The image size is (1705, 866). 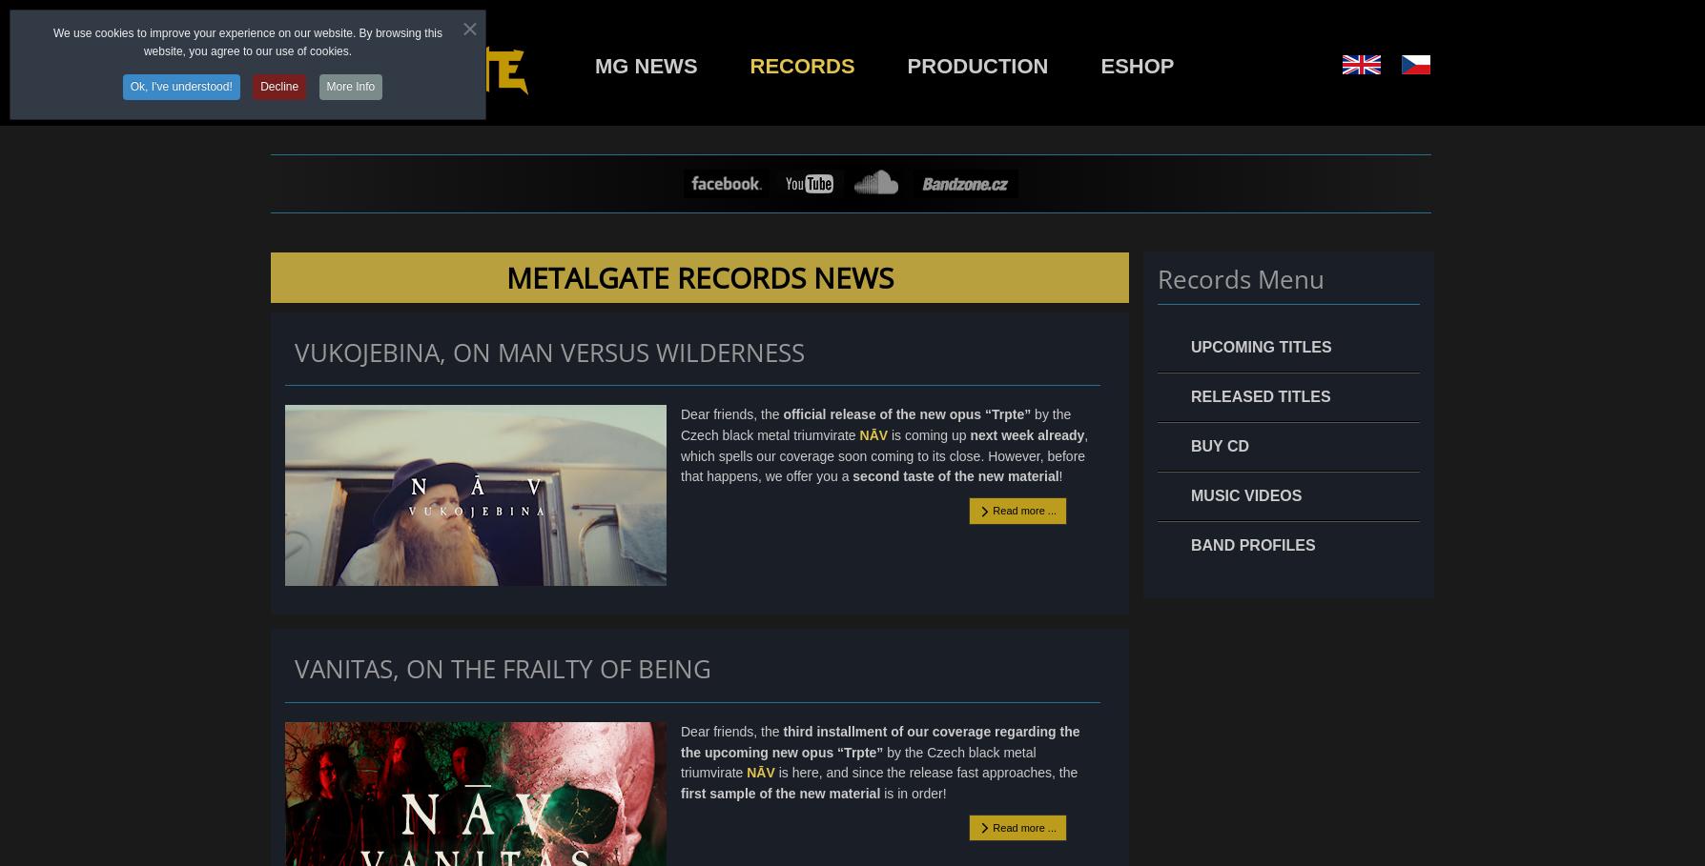 I want to click on 'Music Videos', so click(x=1245, y=494).